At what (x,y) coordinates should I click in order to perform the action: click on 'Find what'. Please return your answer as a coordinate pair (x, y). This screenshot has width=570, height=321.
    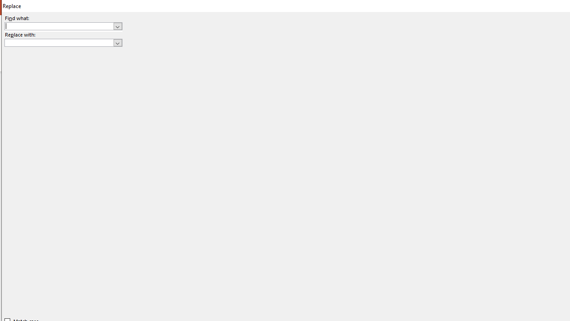
    Looking at the image, I should click on (59, 26).